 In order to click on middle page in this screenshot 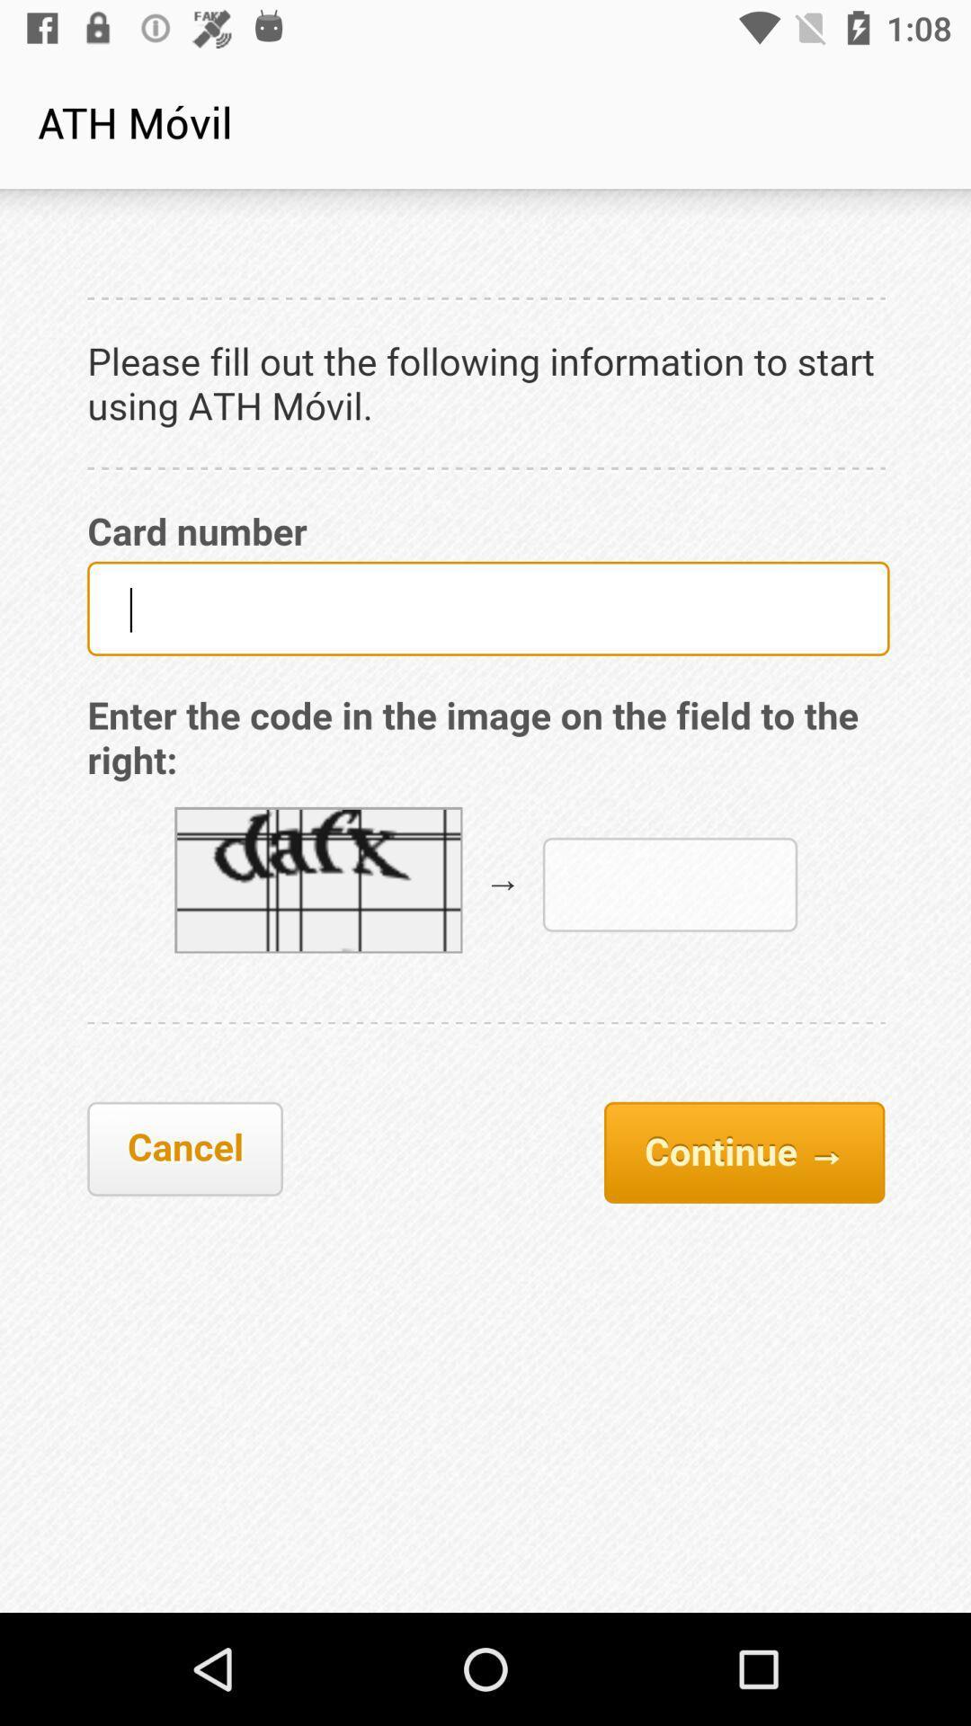, I will do `click(485, 901)`.